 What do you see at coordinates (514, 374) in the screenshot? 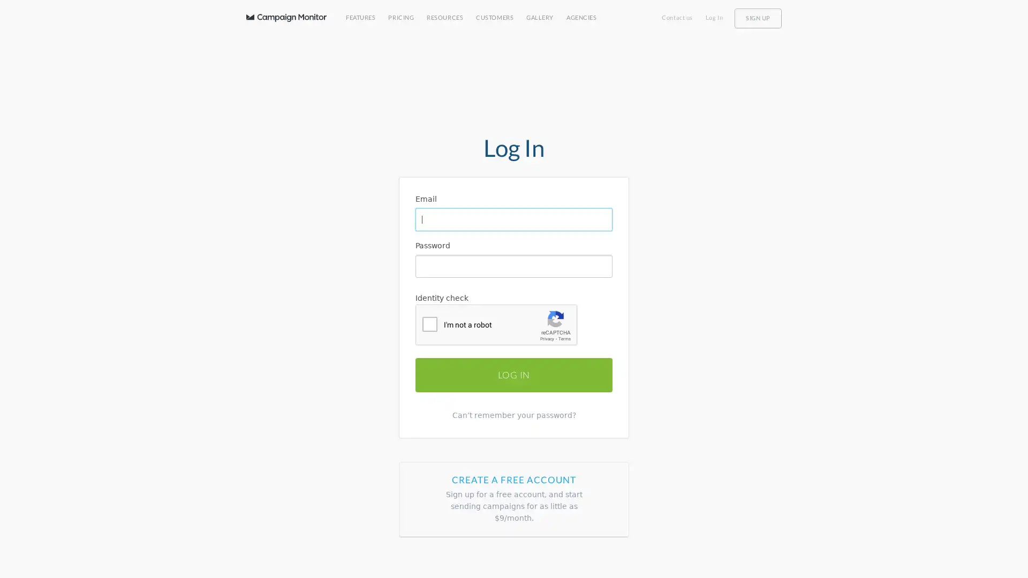
I see `LOG IN` at bounding box center [514, 374].